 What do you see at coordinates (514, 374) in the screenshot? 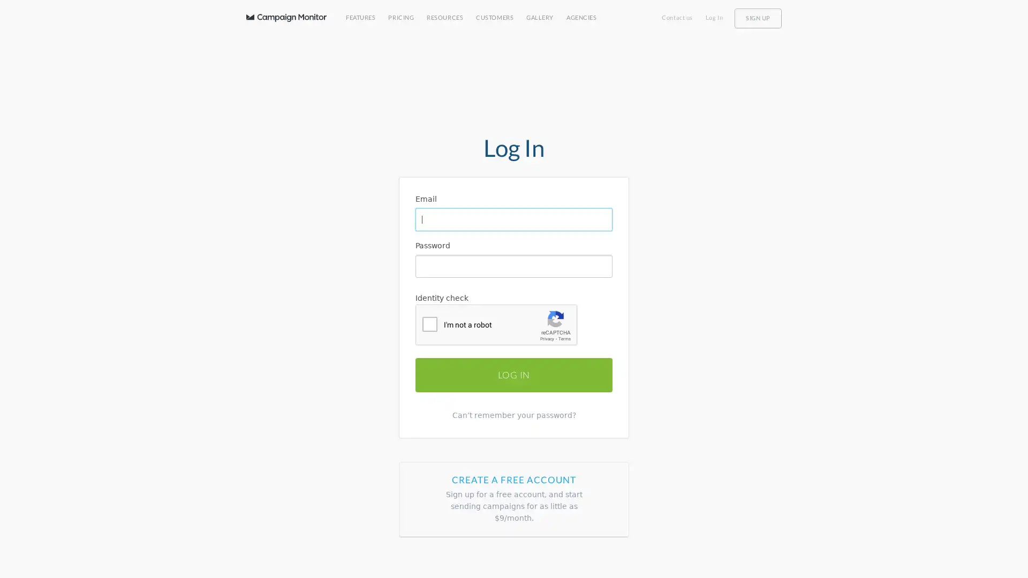
I see `LOG IN` at bounding box center [514, 374].